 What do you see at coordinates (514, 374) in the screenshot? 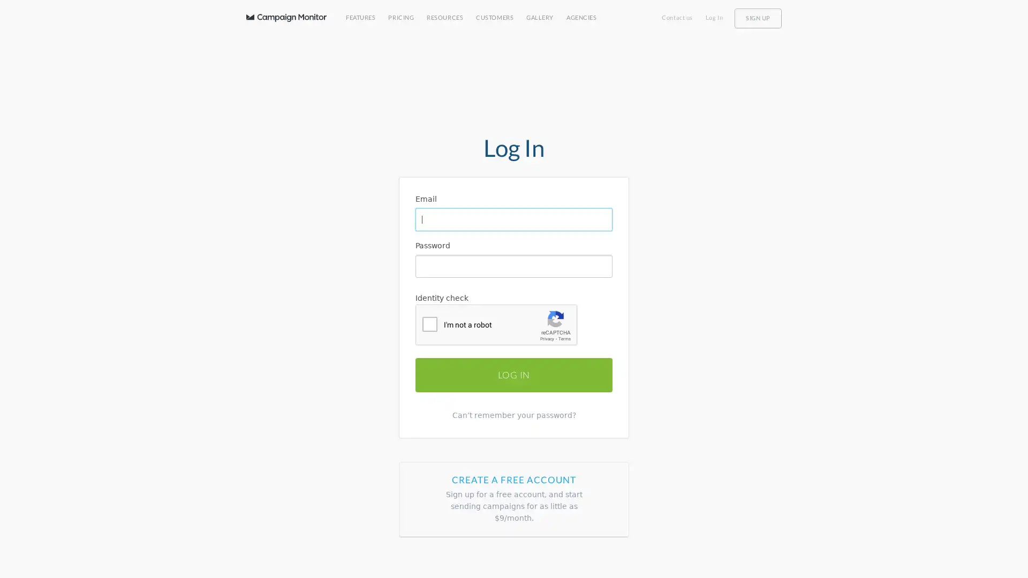
I see `LOG IN` at bounding box center [514, 374].